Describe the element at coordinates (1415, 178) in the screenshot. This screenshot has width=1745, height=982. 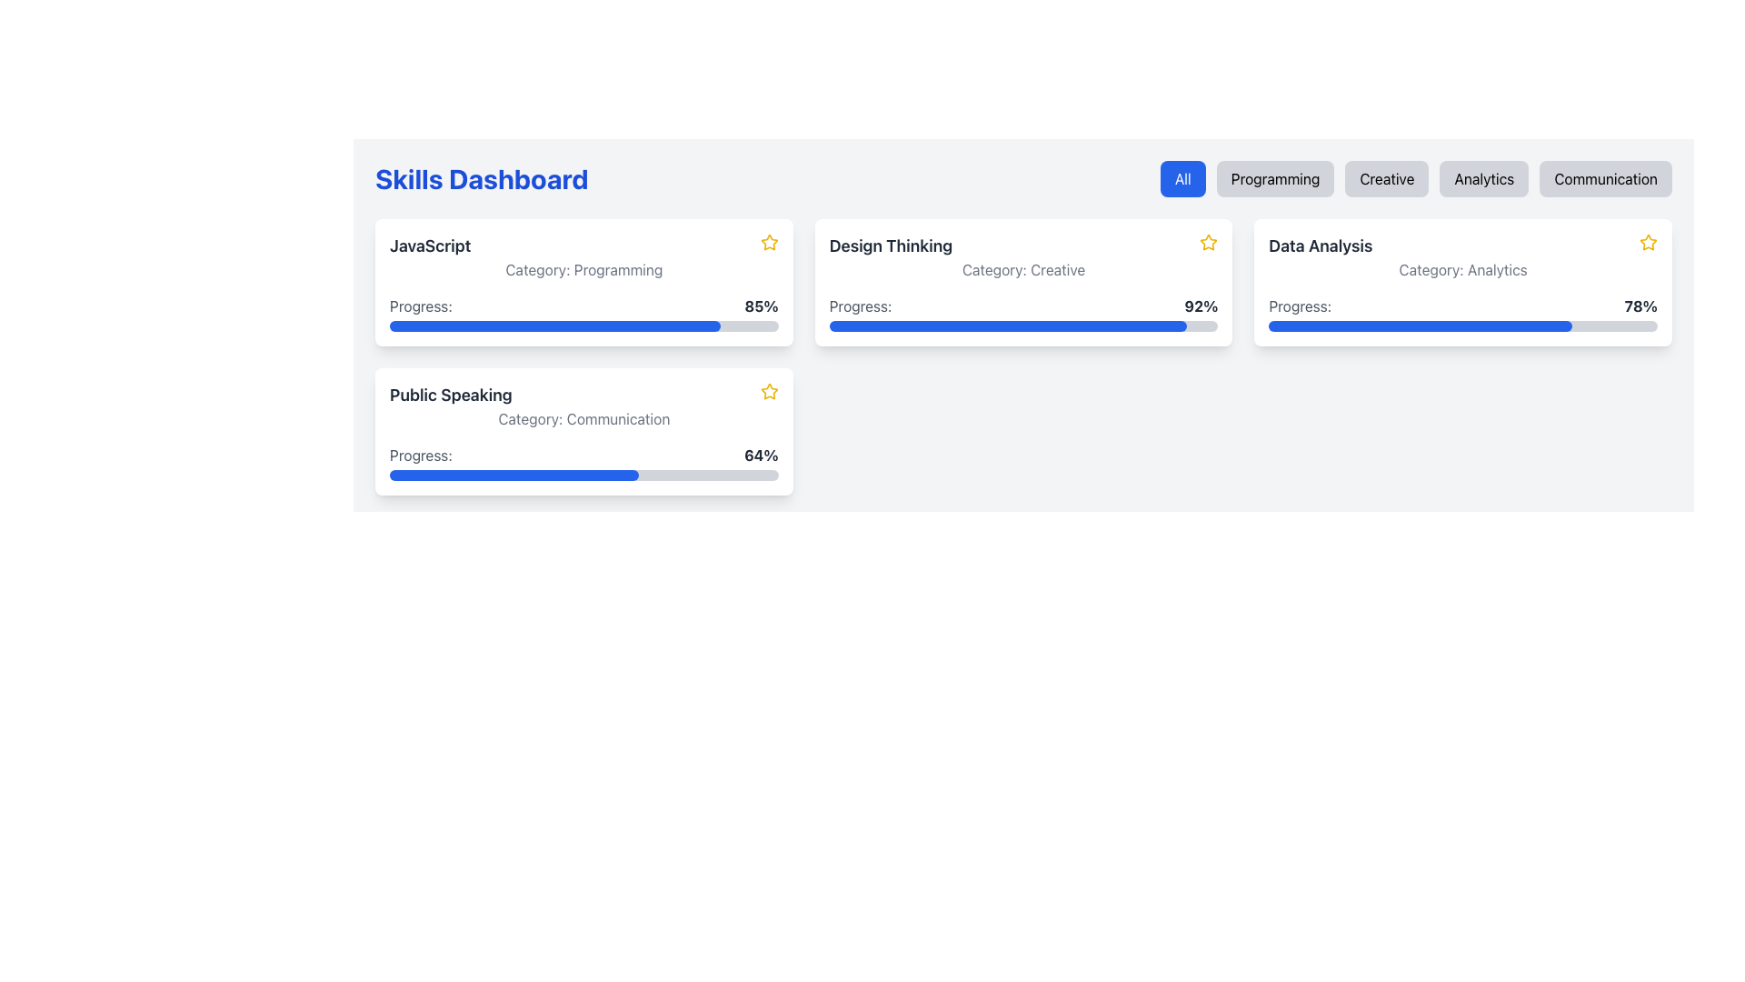
I see `the 'Creative' filter button in the dashboard interface to possibly reveal additional styling changes` at that location.